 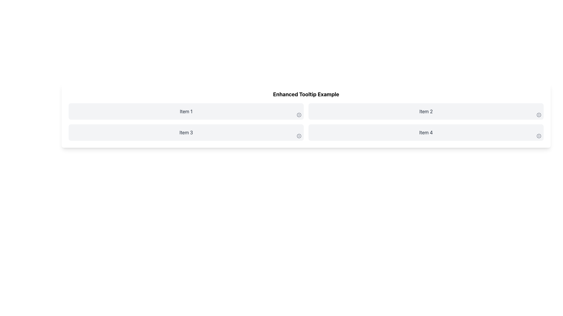 I want to click on the right-chevron icon encased in a circular border located at the bottom-right corner of the 'Item 3' card, so click(x=299, y=136).